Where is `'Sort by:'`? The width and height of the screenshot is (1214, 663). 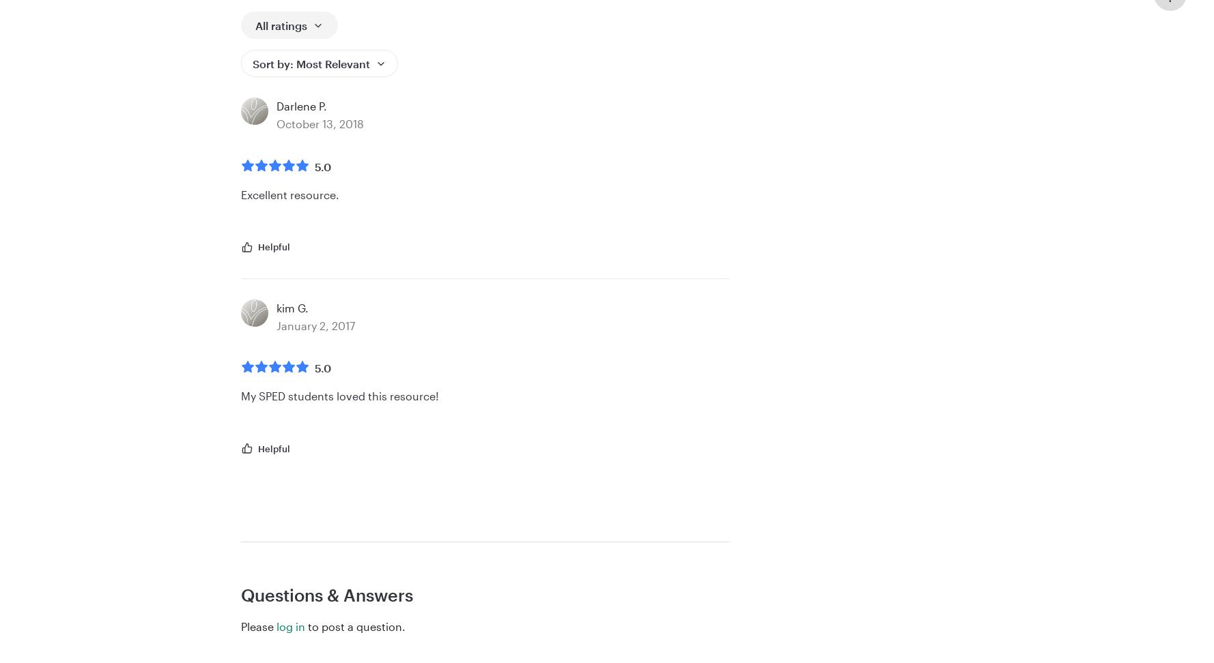 'Sort by:' is located at coordinates (274, 62).